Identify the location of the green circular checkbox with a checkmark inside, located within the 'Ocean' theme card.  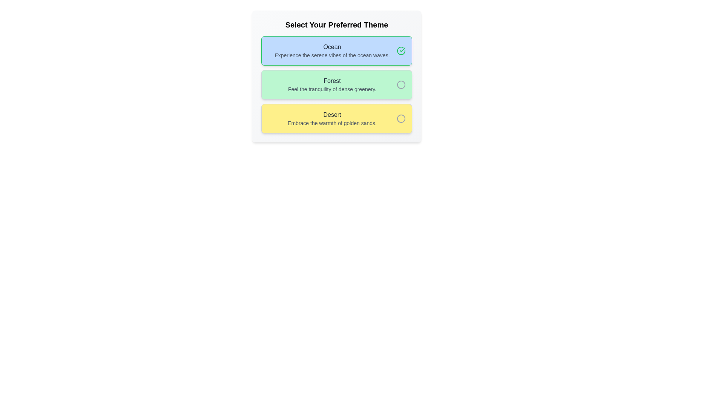
(401, 51).